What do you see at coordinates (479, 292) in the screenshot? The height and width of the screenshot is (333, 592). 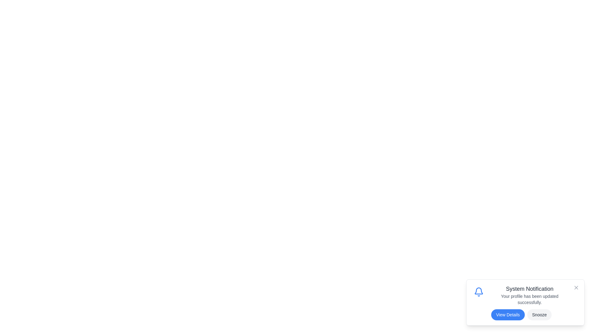 I see `the notification bell icon with a blue outline and a circular dot at its base, located in the bottom-right corner above 'System Notification'` at bounding box center [479, 292].